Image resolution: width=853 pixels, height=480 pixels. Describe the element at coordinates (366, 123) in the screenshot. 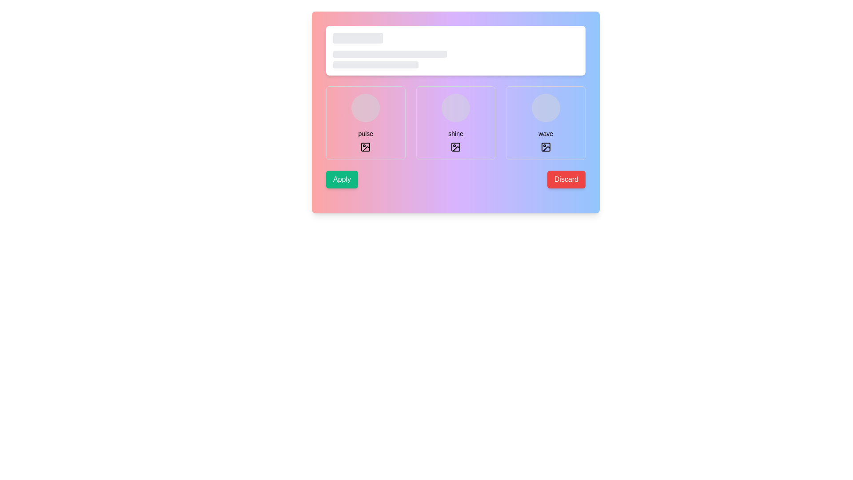

I see `the leftmost selectable card in the menu` at that location.